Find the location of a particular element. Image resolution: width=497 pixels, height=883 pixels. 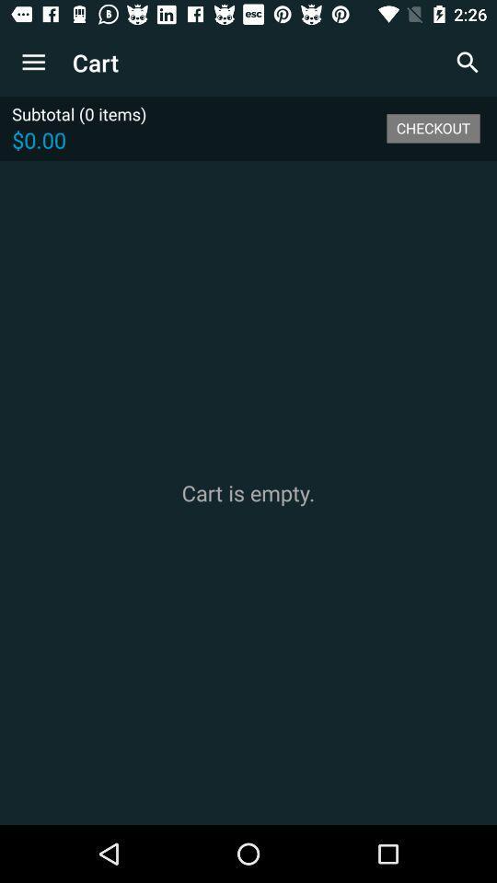

icon above the subtotal (0 items) item is located at coordinates (33, 63).